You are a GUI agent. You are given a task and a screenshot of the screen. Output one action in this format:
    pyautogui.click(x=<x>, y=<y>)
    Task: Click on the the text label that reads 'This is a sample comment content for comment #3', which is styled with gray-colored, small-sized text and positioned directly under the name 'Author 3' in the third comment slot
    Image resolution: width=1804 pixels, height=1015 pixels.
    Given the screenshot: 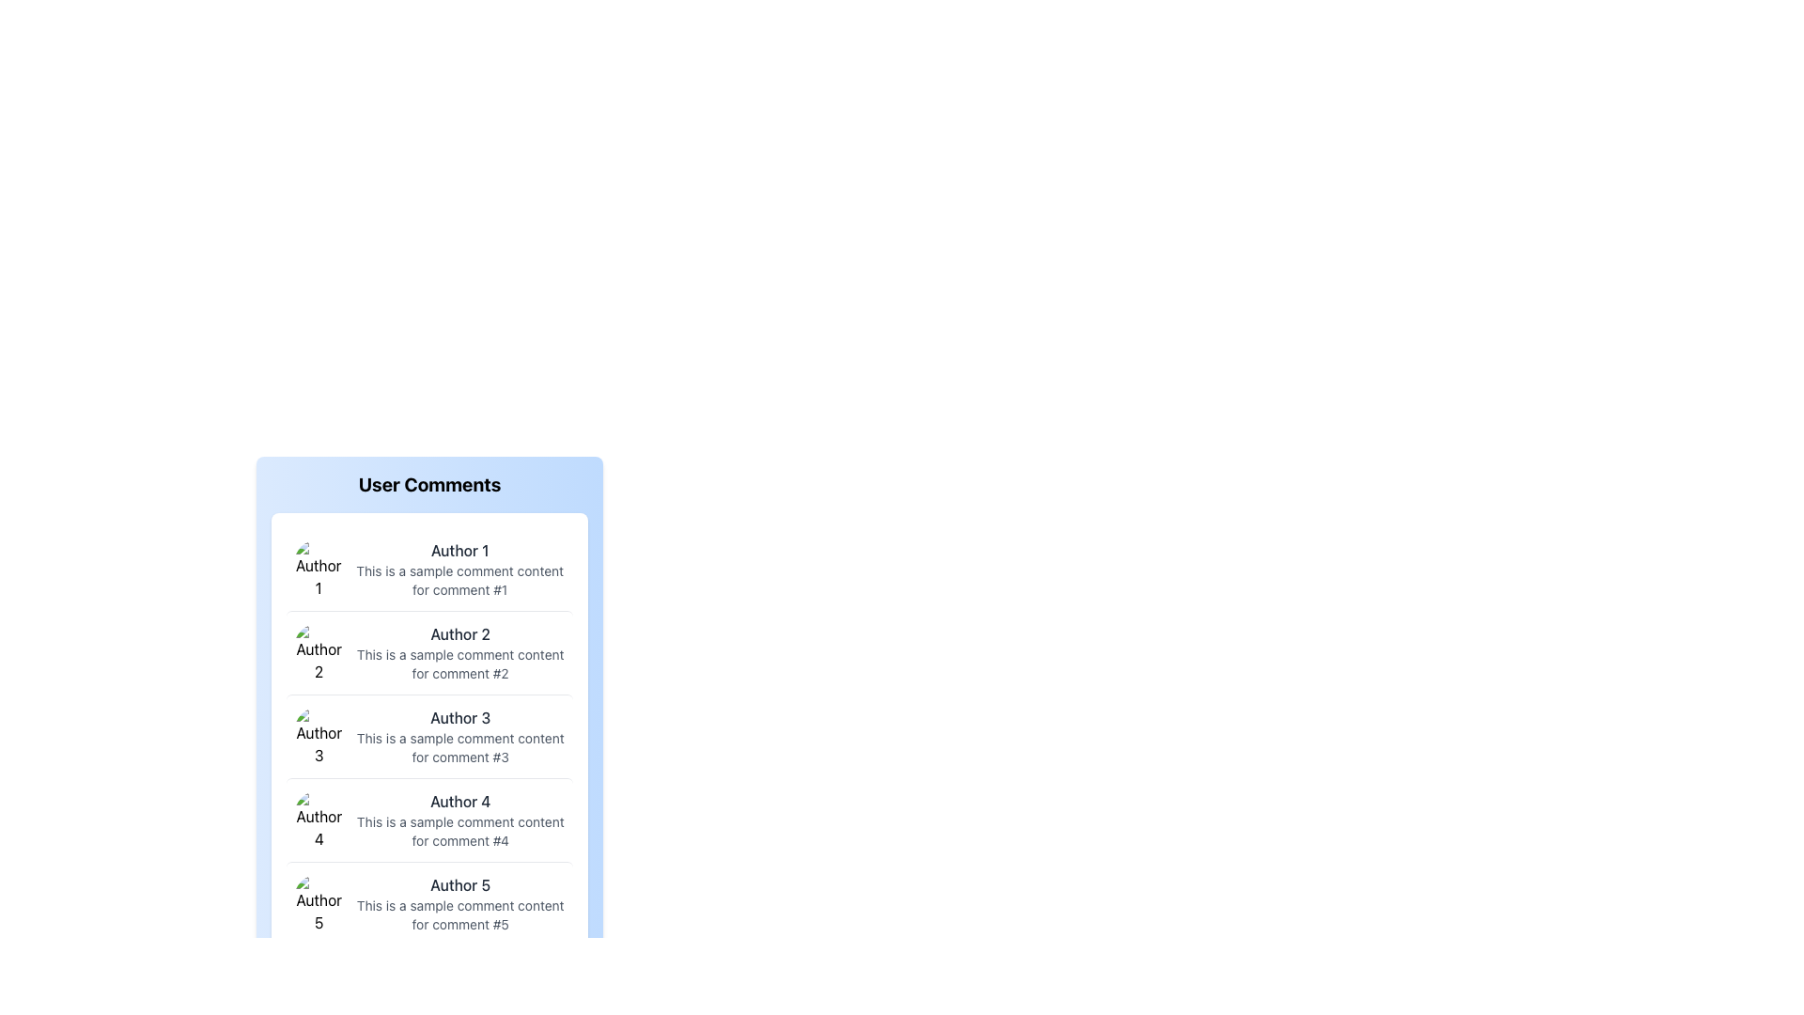 What is the action you would take?
    pyautogui.click(x=460, y=746)
    